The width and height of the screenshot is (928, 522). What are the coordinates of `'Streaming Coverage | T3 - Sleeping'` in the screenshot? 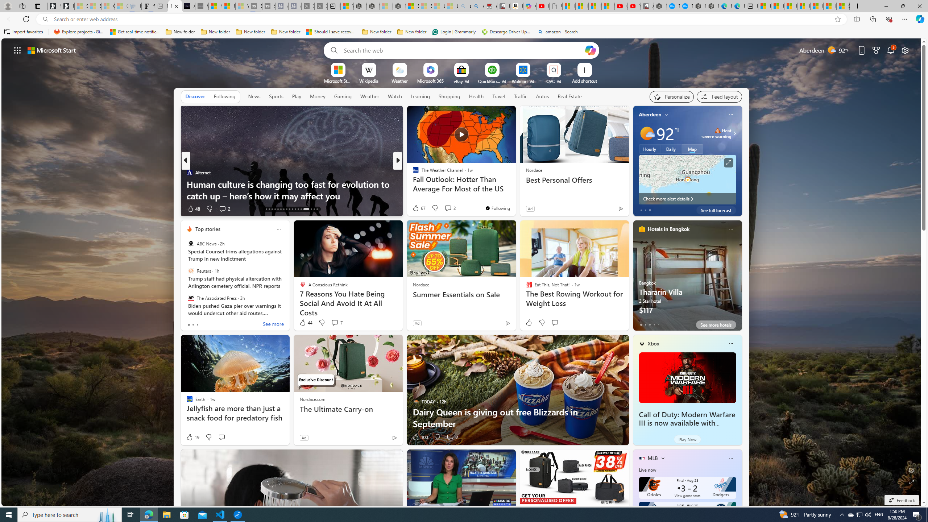 It's located at (256, 6).